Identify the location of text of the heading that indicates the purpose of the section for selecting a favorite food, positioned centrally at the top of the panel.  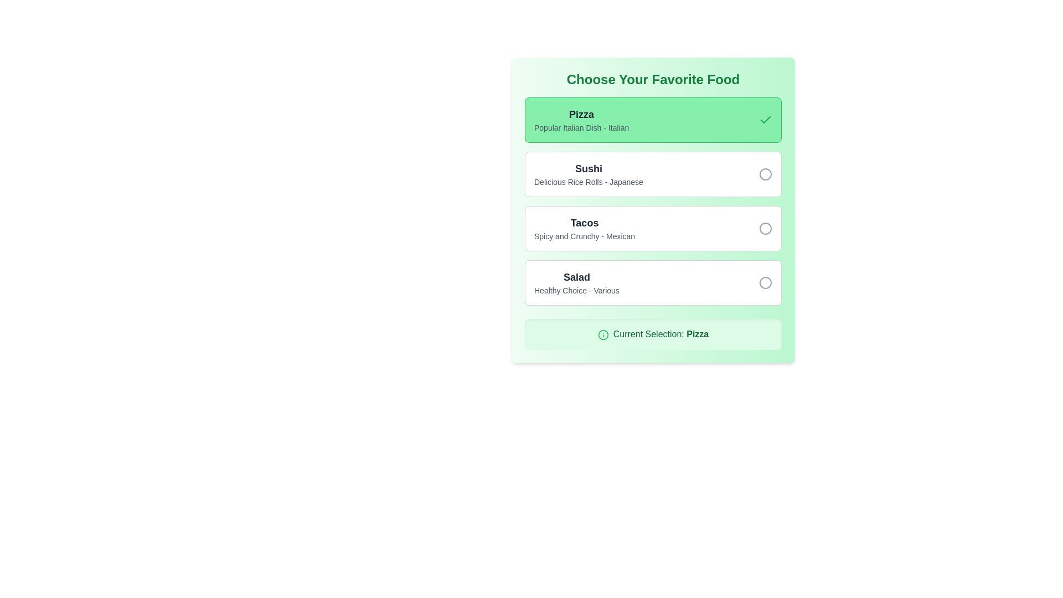
(653, 79).